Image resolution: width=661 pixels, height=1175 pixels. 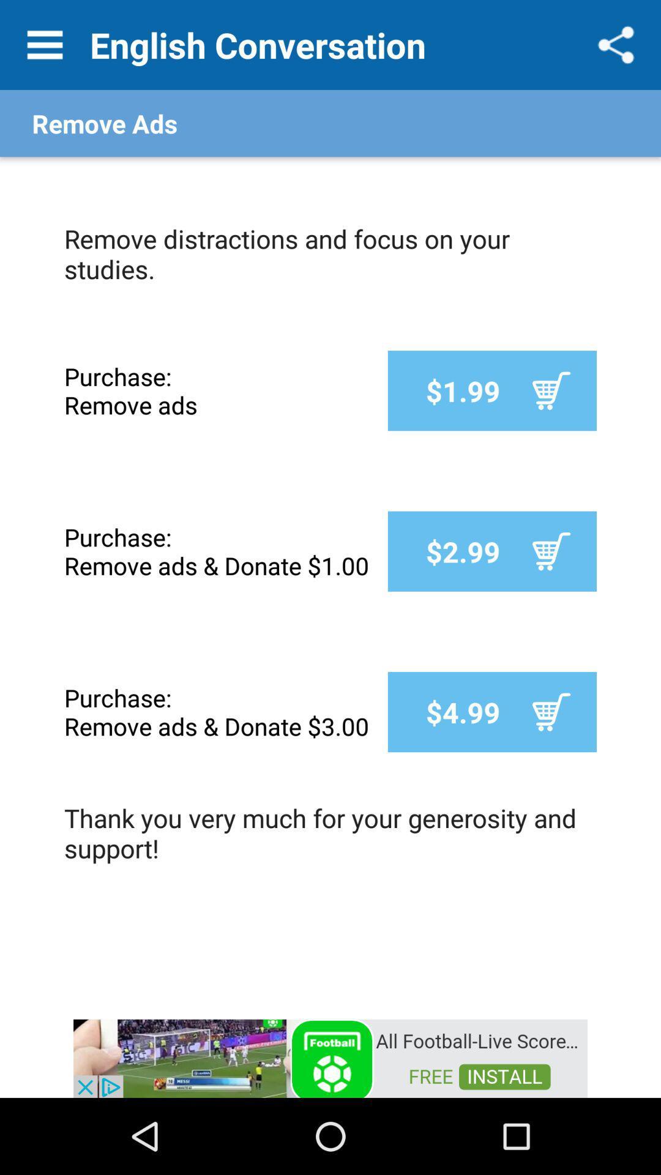 What do you see at coordinates (330, 1057) in the screenshot?
I see `details about advertisement` at bounding box center [330, 1057].